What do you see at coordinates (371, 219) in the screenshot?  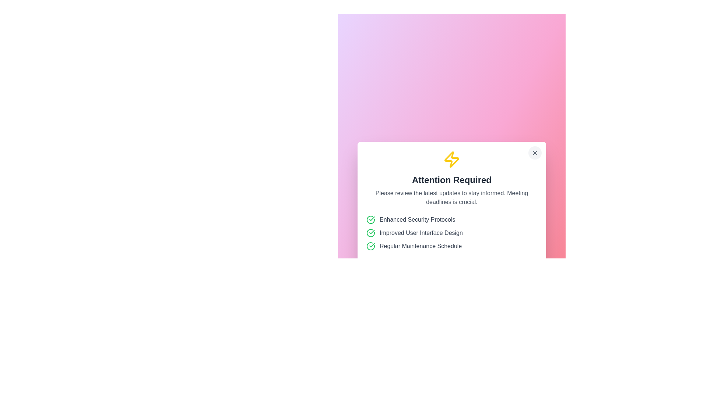 I see `the circular green checkmark icon that indicates a successful status, located to the left of the 'Enhanced Security Protocols' text` at bounding box center [371, 219].